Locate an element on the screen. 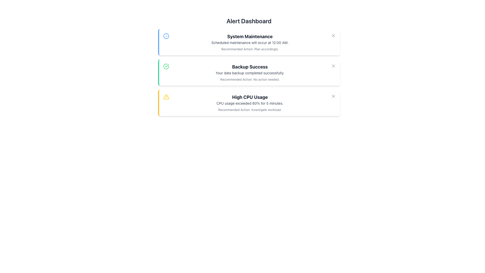 This screenshot has height=273, width=485. the information icon located at the top left corner of the 'System Maintenance' notification card to understand the nature of the notification is located at coordinates (166, 36).